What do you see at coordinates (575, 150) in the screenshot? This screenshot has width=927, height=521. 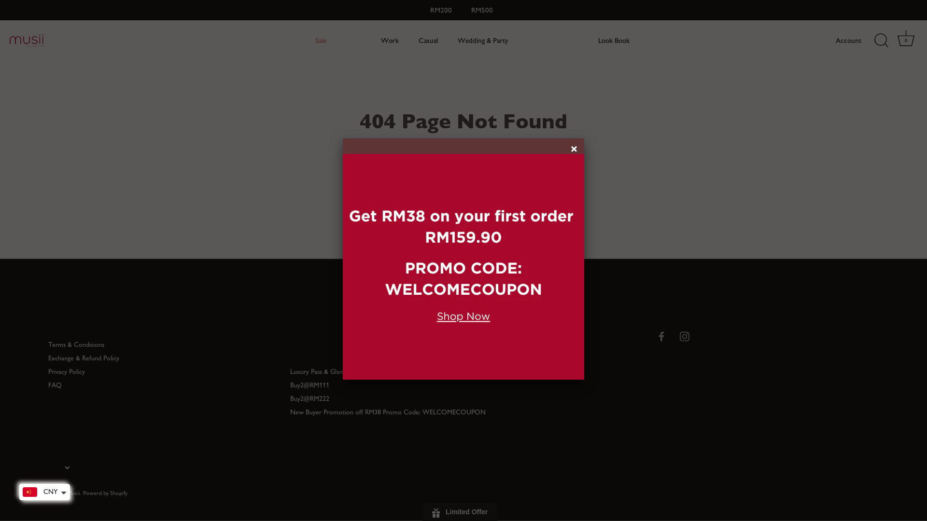 I see `'Close'` at bounding box center [575, 150].